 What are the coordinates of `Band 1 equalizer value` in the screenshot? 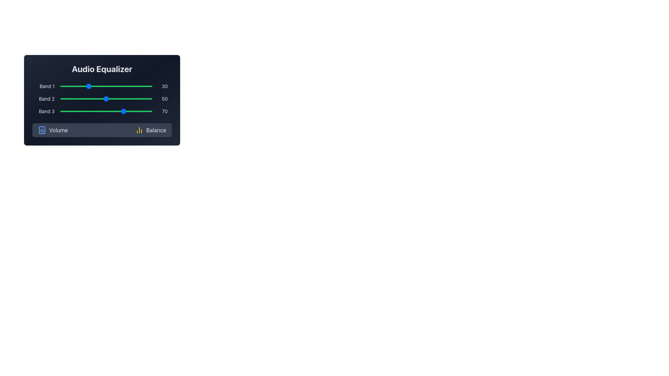 It's located at (73, 86).